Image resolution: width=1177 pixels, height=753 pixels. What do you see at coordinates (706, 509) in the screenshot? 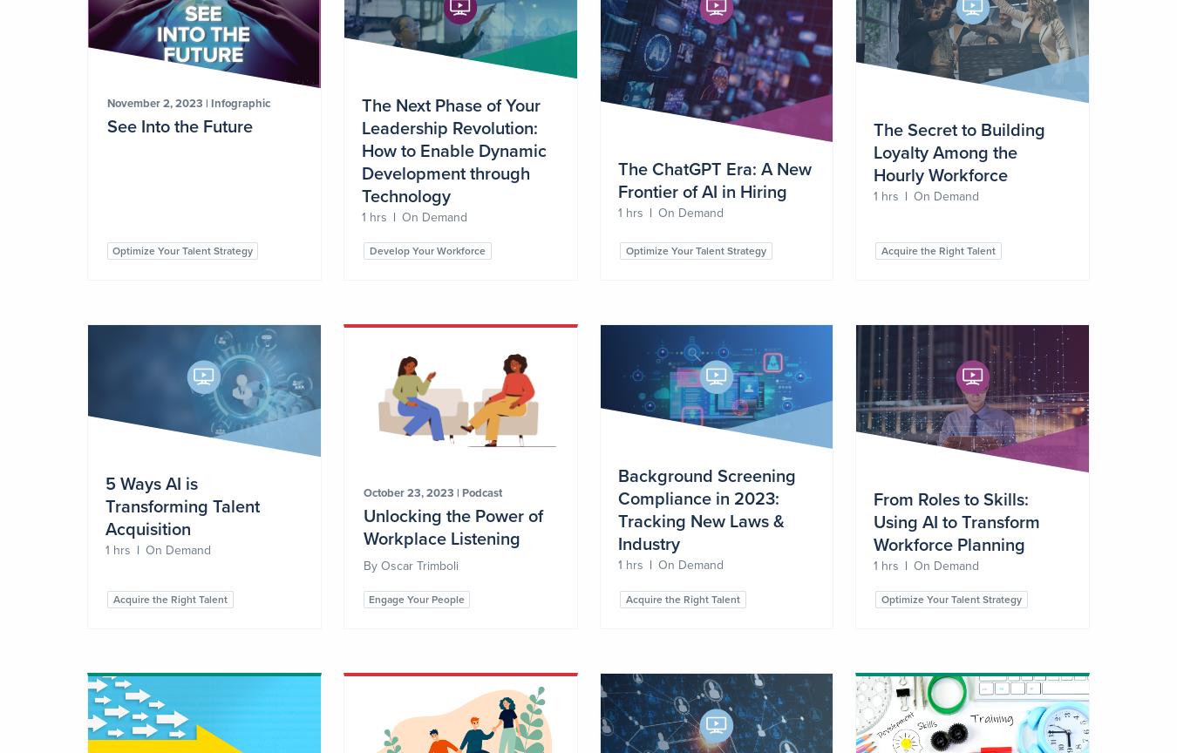
I see `'Background Screening Compliance in 2023: Tracking New Laws & Industry'` at bounding box center [706, 509].